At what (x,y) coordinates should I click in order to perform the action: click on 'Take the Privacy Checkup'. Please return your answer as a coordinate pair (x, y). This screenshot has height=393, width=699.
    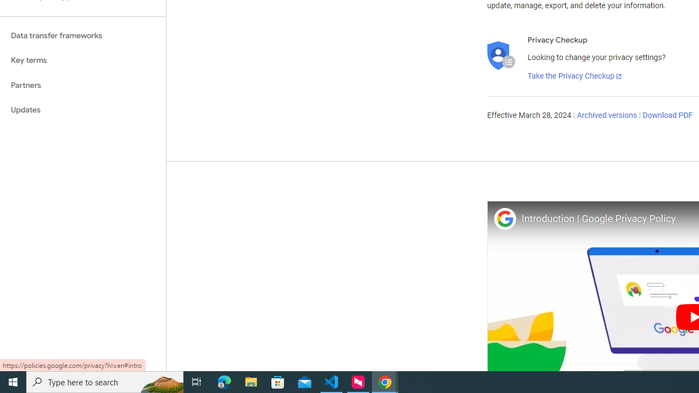
    Looking at the image, I should click on (574, 76).